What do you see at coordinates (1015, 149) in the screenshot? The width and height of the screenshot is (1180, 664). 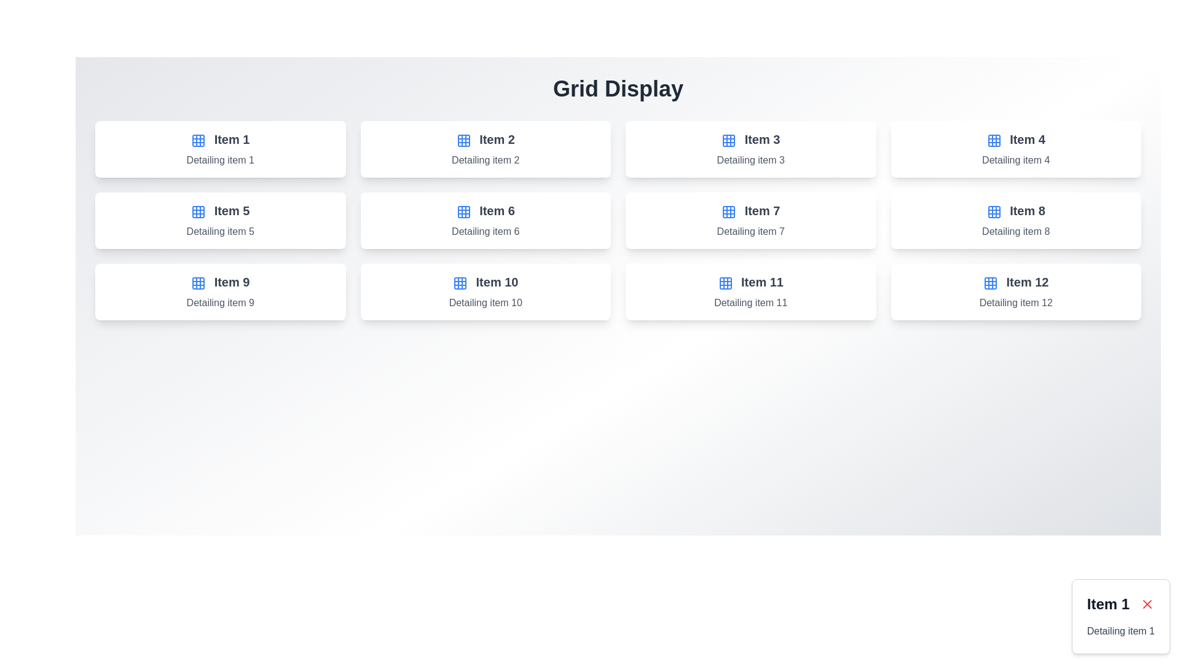 I see `visual details of the Card element displaying 'Item 4' with a grid icon, located in the first row and fourth column of the grid layout` at bounding box center [1015, 149].